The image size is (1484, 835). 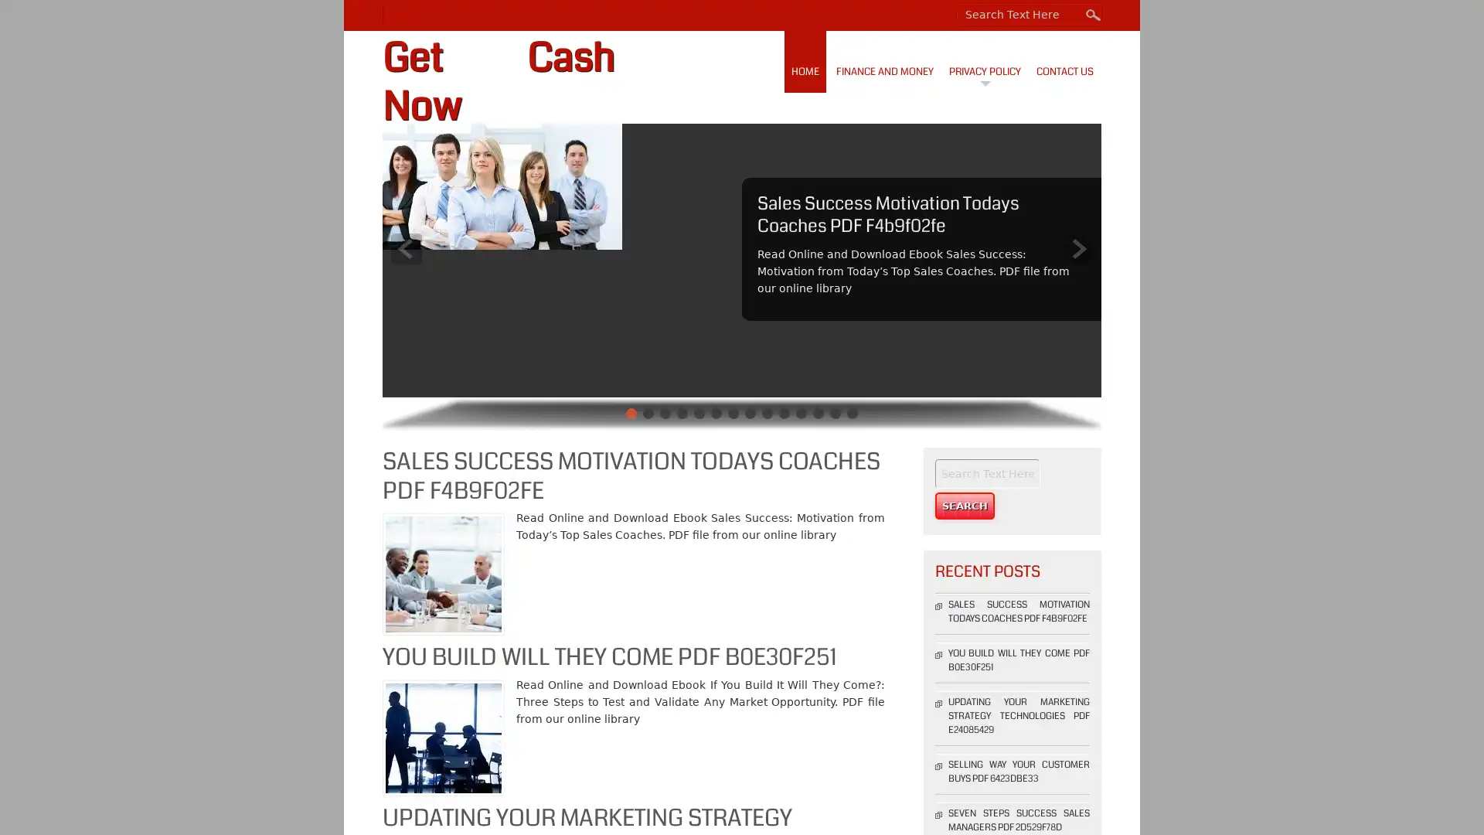 I want to click on Search, so click(x=964, y=506).